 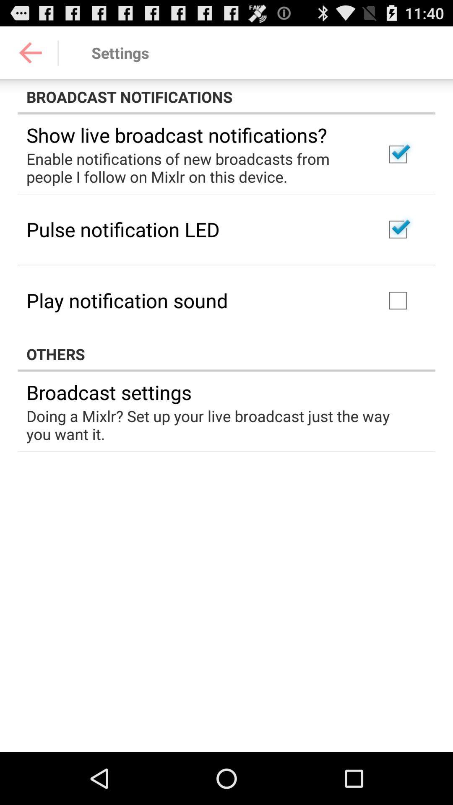 What do you see at coordinates (108, 392) in the screenshot?
I see `the icon above the doing a mixlr` at bounding box center [108, 392].